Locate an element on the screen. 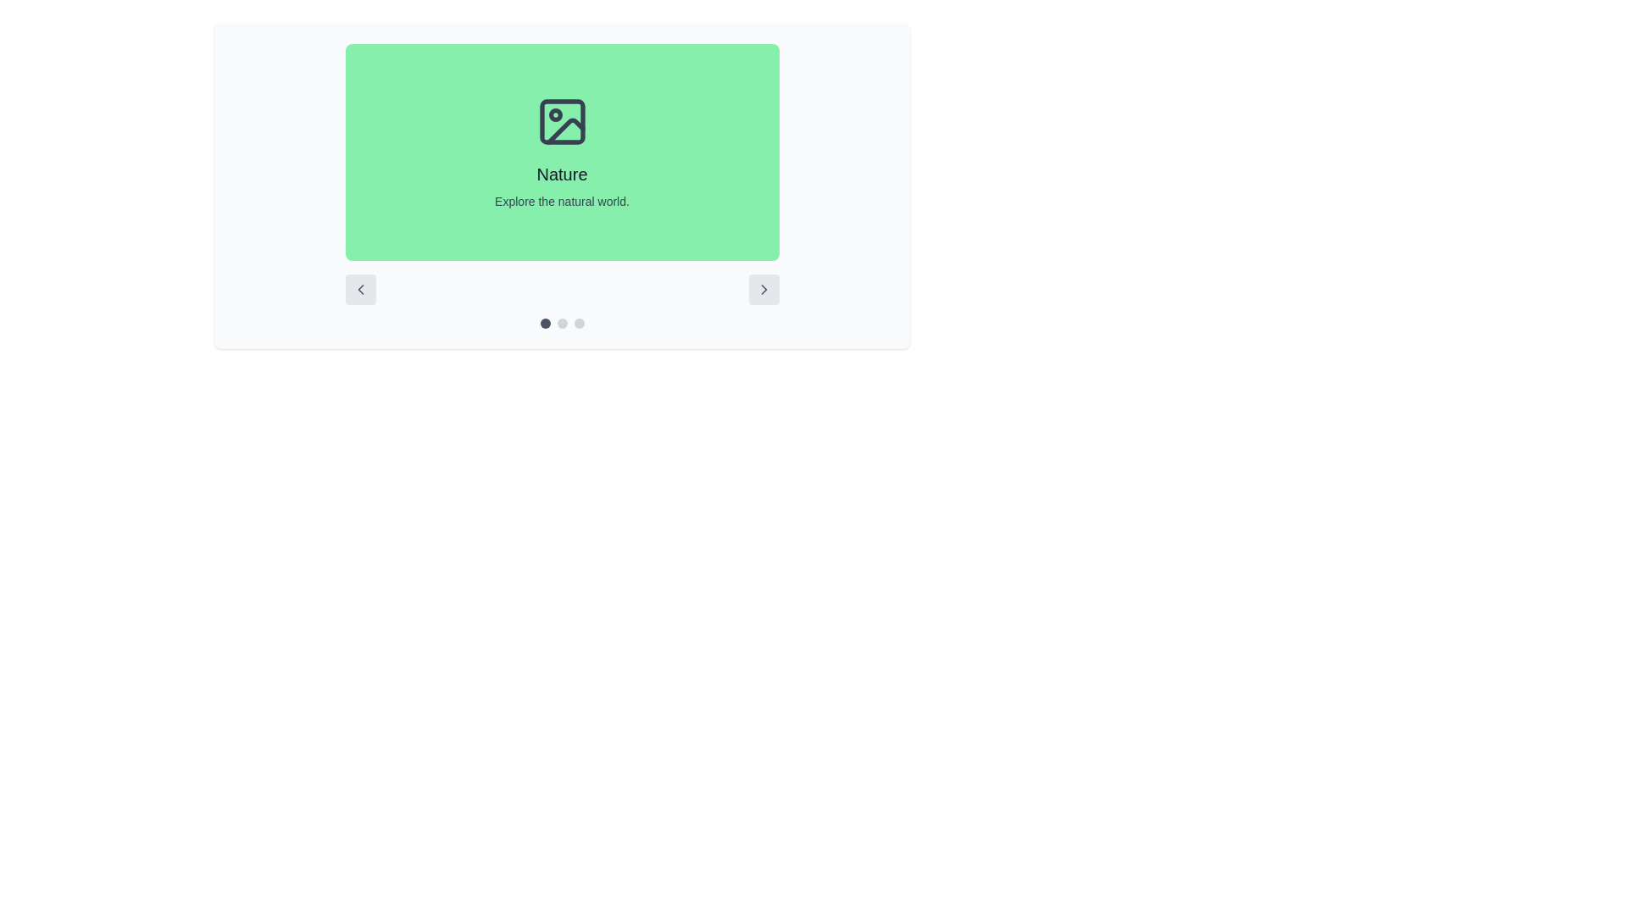 The height and width of the screenshot is (915, 1627). the right navigation button for the carousel is located at coordinates (763, 289).